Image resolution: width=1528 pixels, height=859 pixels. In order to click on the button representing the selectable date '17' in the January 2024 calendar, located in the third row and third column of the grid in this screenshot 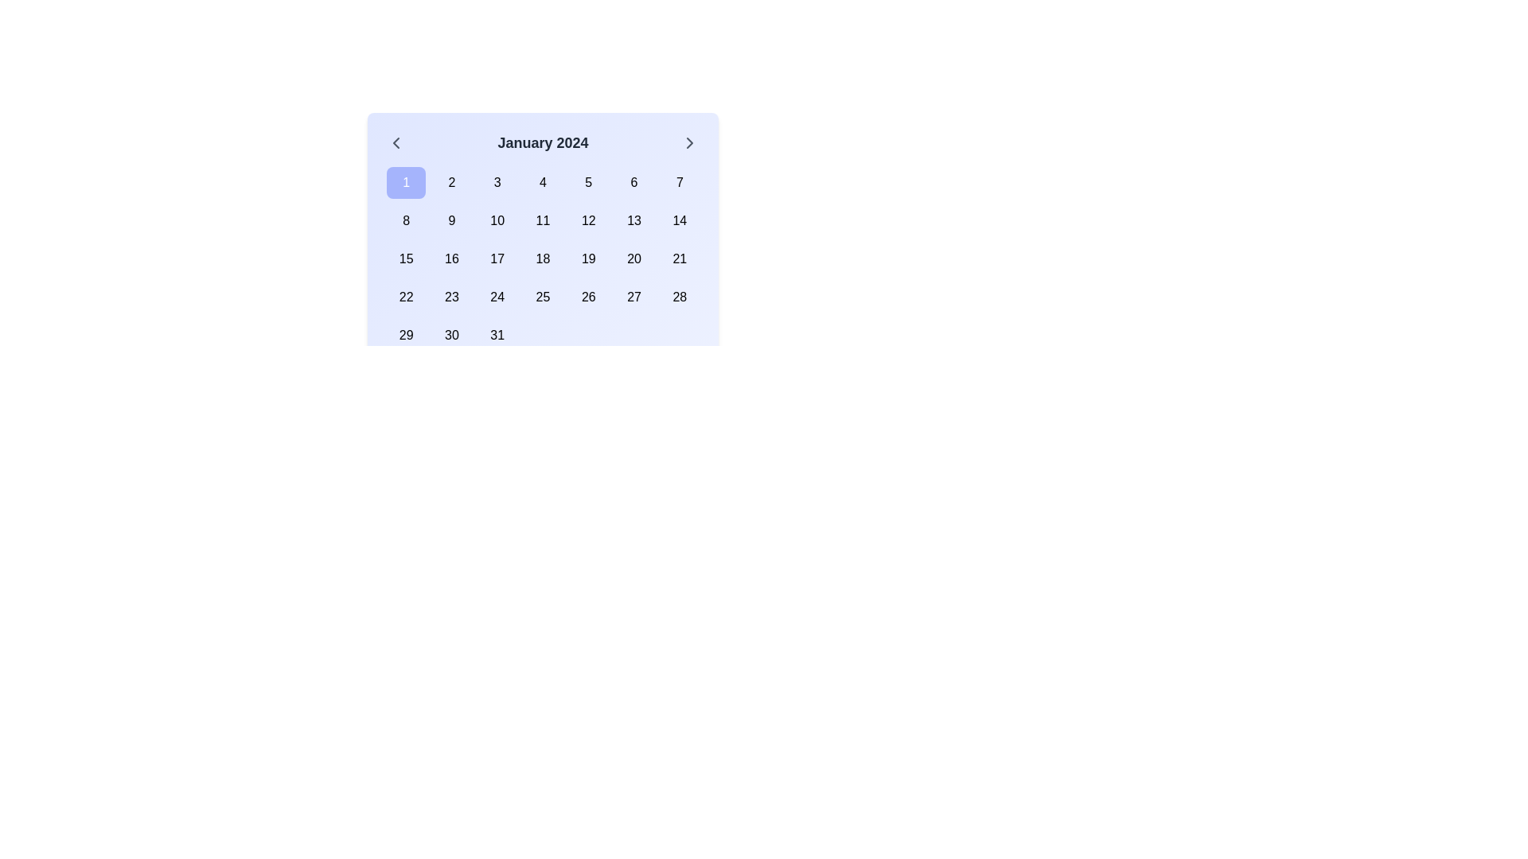, I will do `click(497, 258)`.